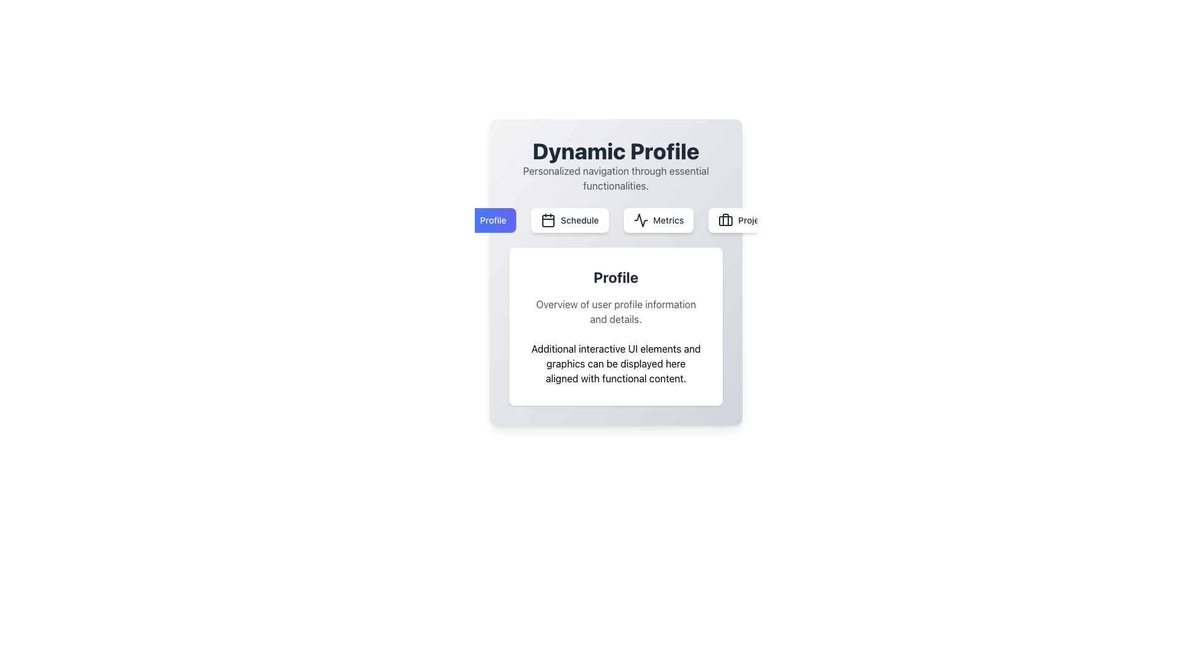 The width and height of the screenshot is (1187, 667). I want to click on the text label that provides context for the 'Schedule' button, located at the center of the UI, so click(579, 220).